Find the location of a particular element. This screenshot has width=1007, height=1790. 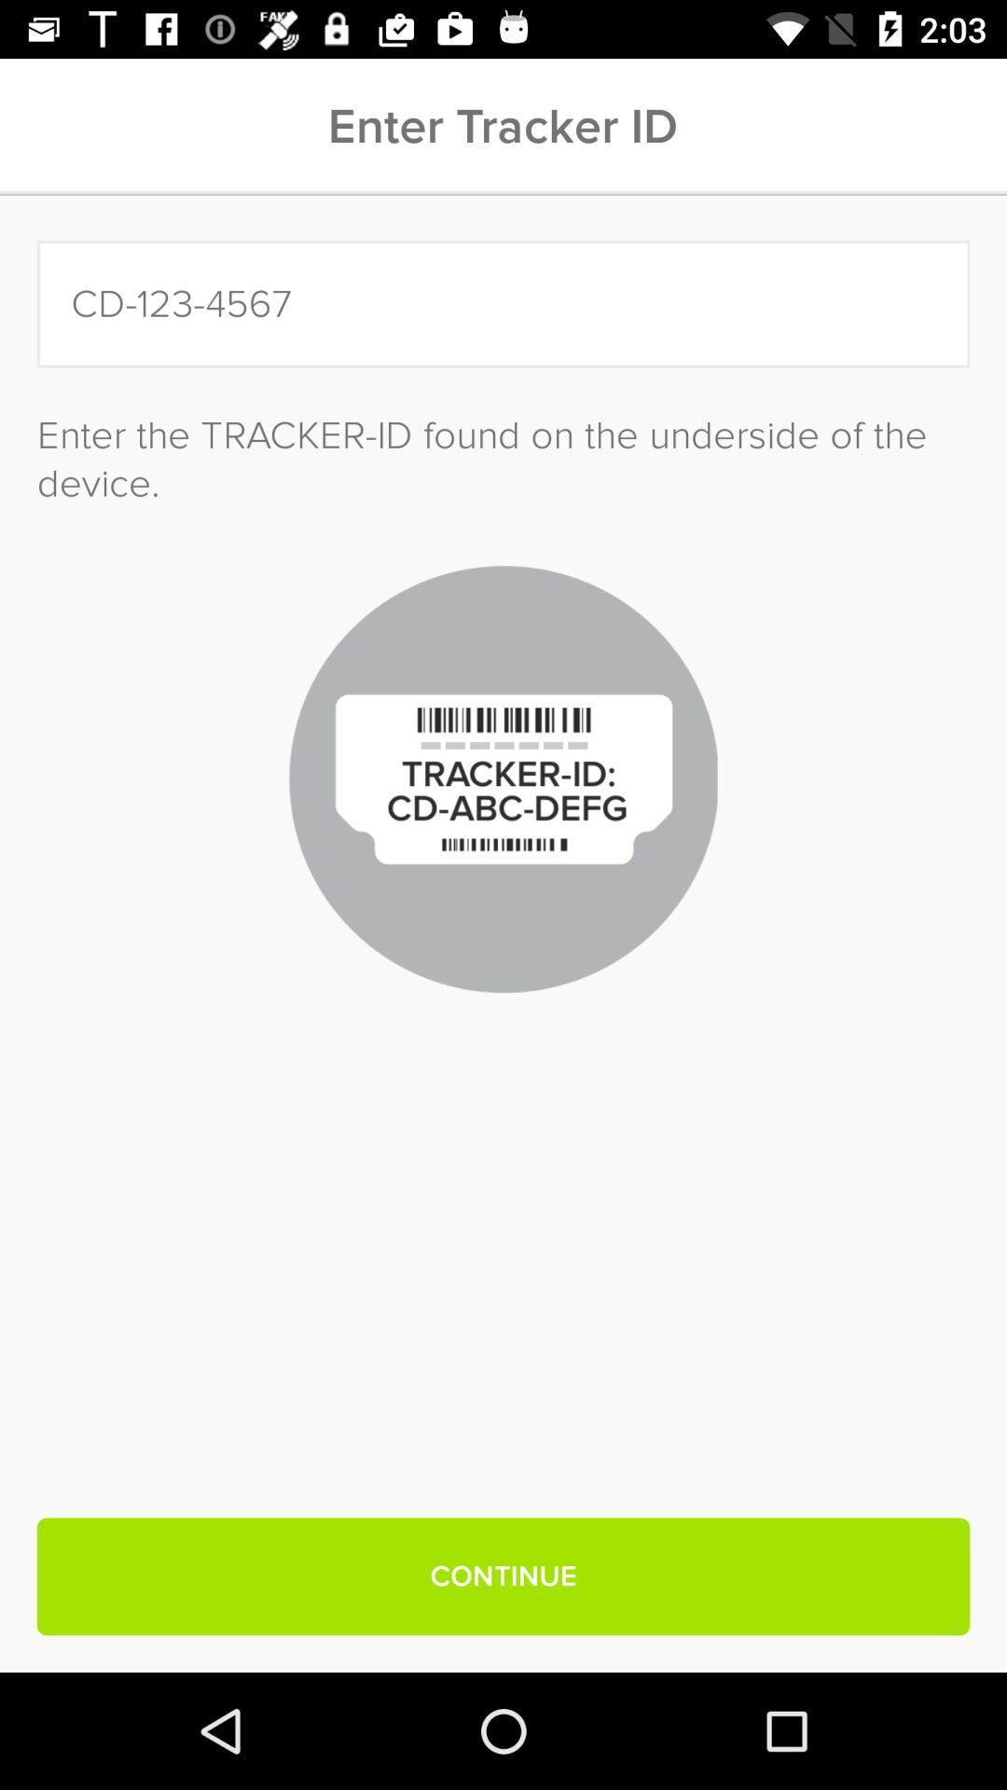

item below the enter tracker id is located at coordinates (504, 304).